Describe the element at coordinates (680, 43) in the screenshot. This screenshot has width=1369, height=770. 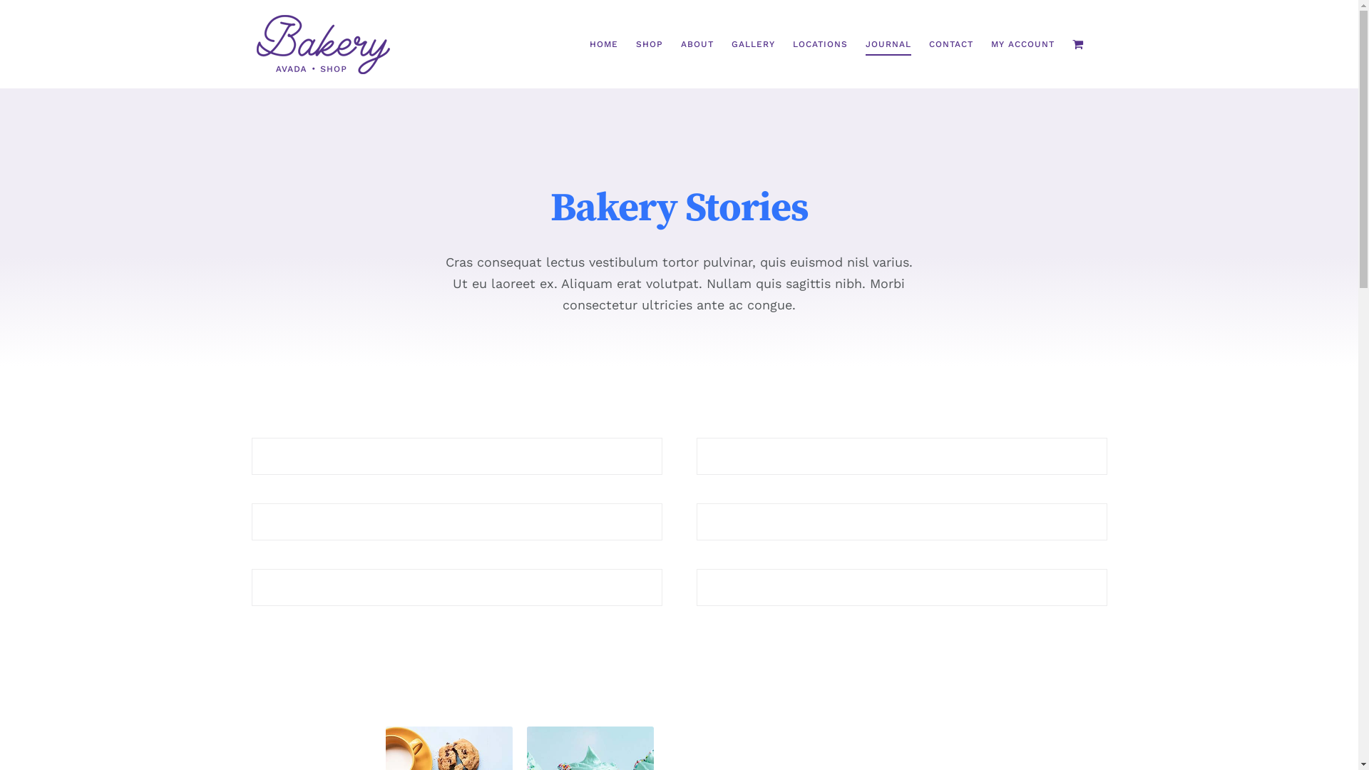
I see `'ABOUT'` at that location.